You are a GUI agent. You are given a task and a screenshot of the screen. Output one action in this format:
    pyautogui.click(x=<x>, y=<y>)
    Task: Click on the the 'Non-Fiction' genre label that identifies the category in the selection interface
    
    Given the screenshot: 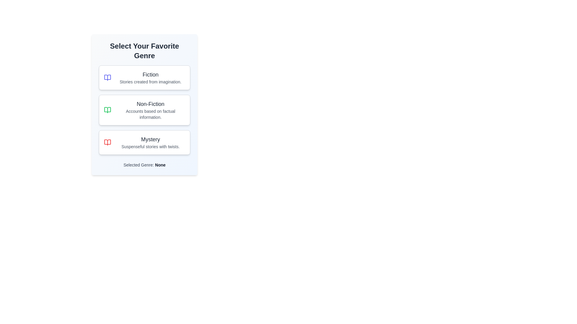 What is the action you would take?
    pyautogui.click(x=150, y=104)
    